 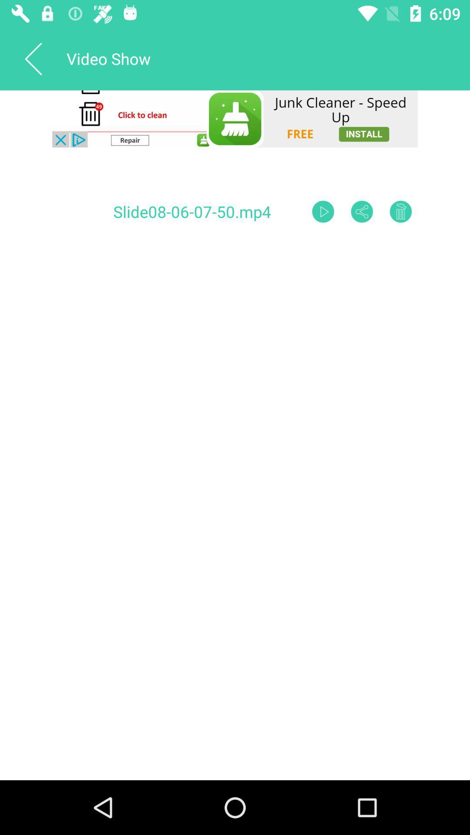 I want to click on advance screen, so click(x=323, y=211).